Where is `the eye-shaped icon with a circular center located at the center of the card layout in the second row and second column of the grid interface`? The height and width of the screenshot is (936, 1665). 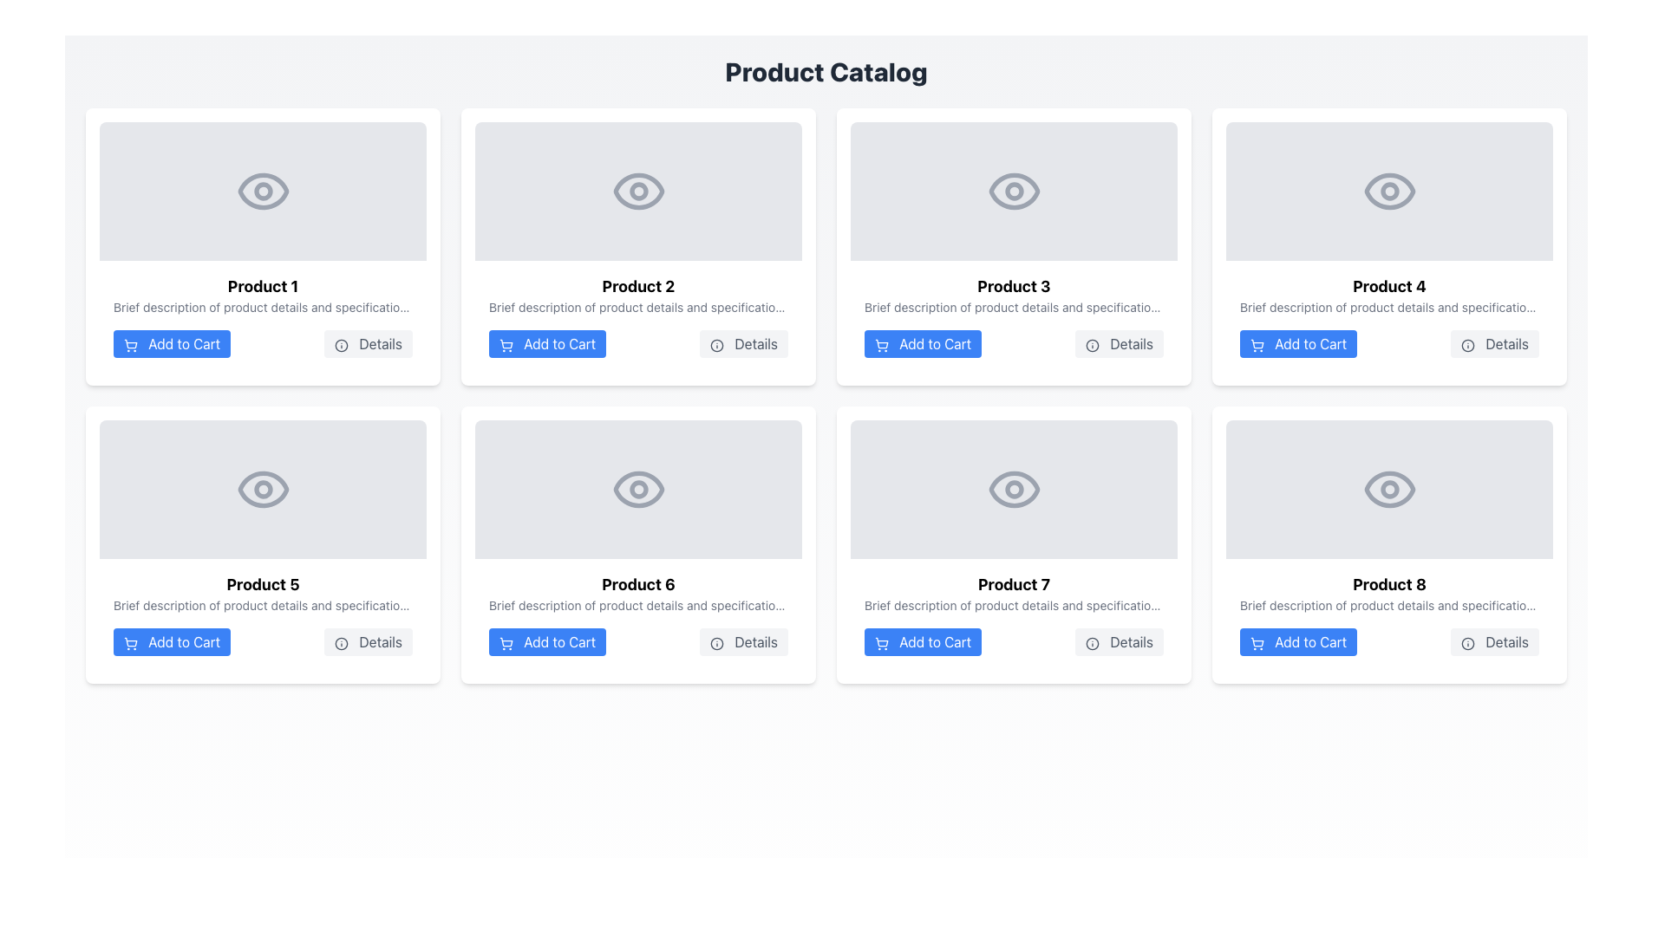
the eye-shaped icon with a circular center located at the center of the card layout in the second row and second column of the grid interface is located at coordinates (637, 489).